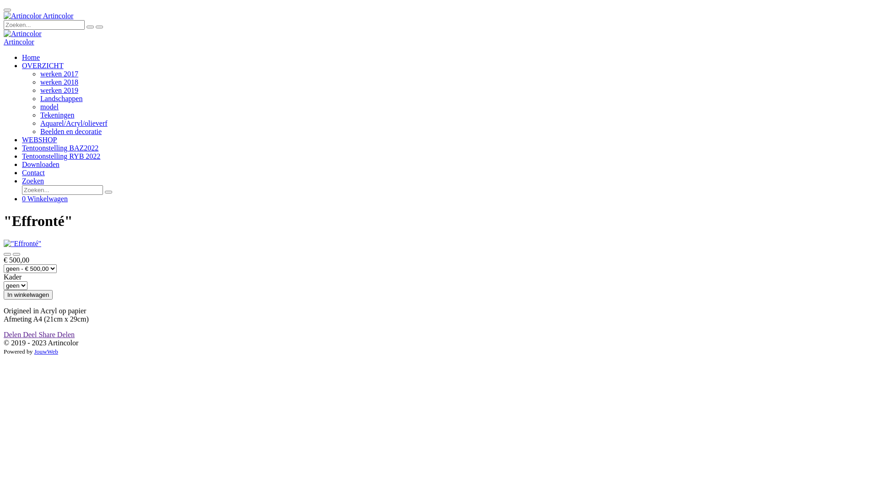 The height and width of the screenshot is (494, 879). Describe the element at coordinates (59, 90) in the screenshot. I see `'werken 2019'` at that location.